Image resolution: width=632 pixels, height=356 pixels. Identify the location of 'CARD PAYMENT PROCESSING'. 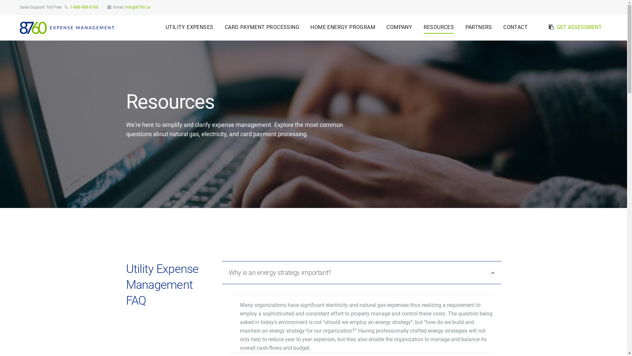
(262, 27).